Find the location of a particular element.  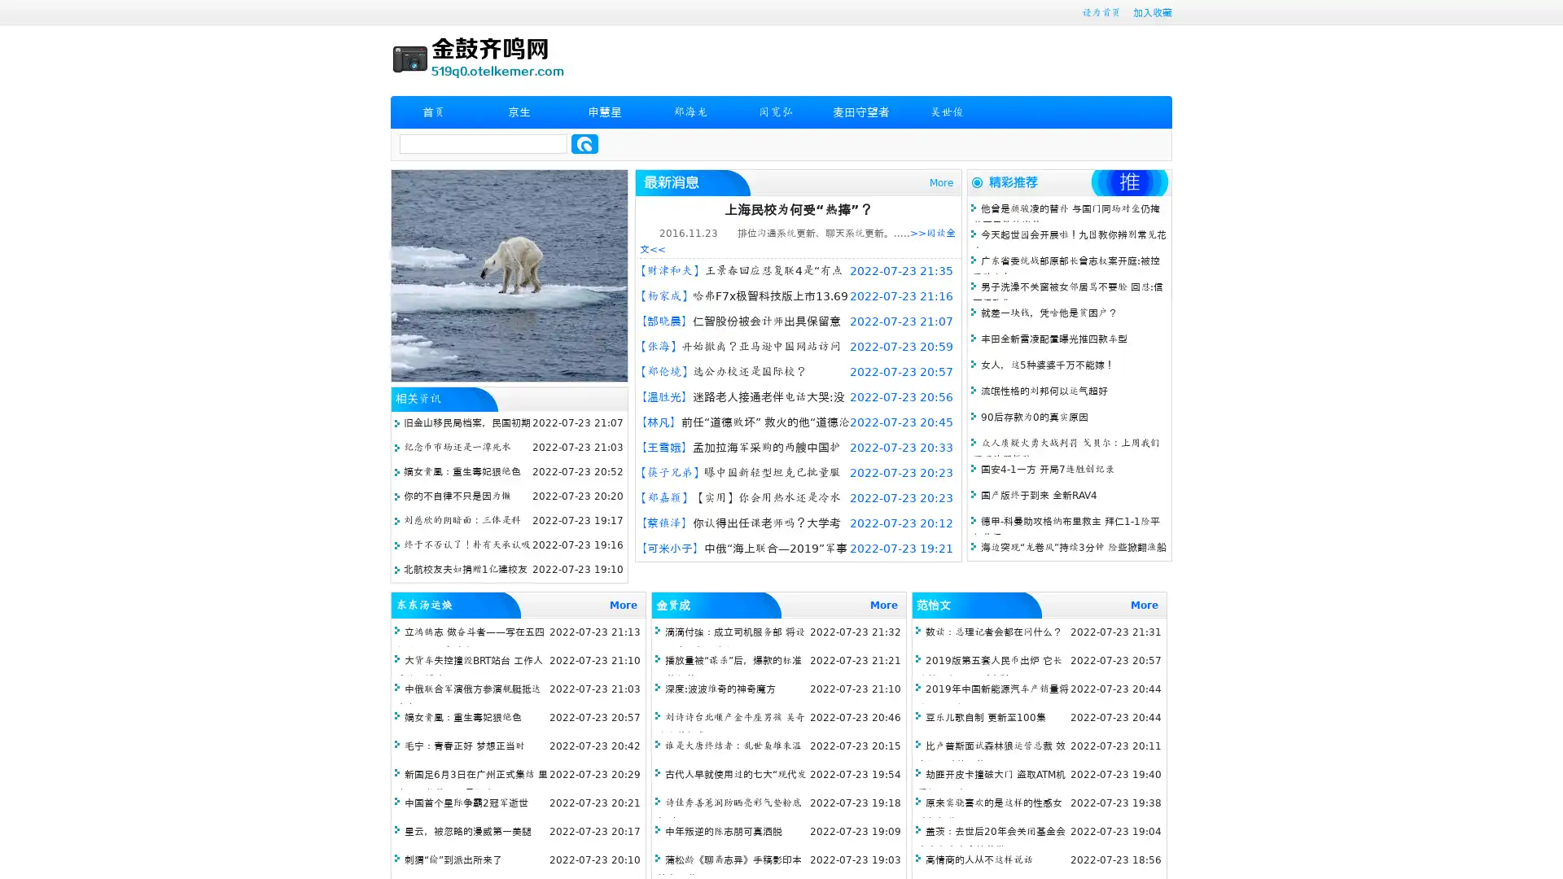

Search is located at coordinates (584, 143).